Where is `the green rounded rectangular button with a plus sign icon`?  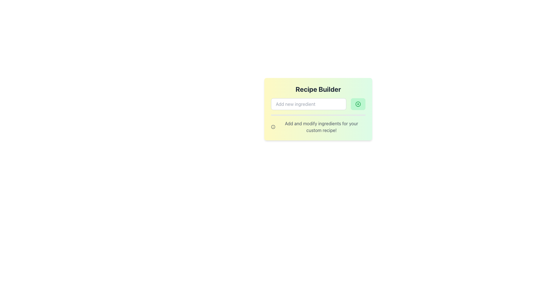 the green rounded rectangular button with a plus sign icon is located at coordinates (358, 104).